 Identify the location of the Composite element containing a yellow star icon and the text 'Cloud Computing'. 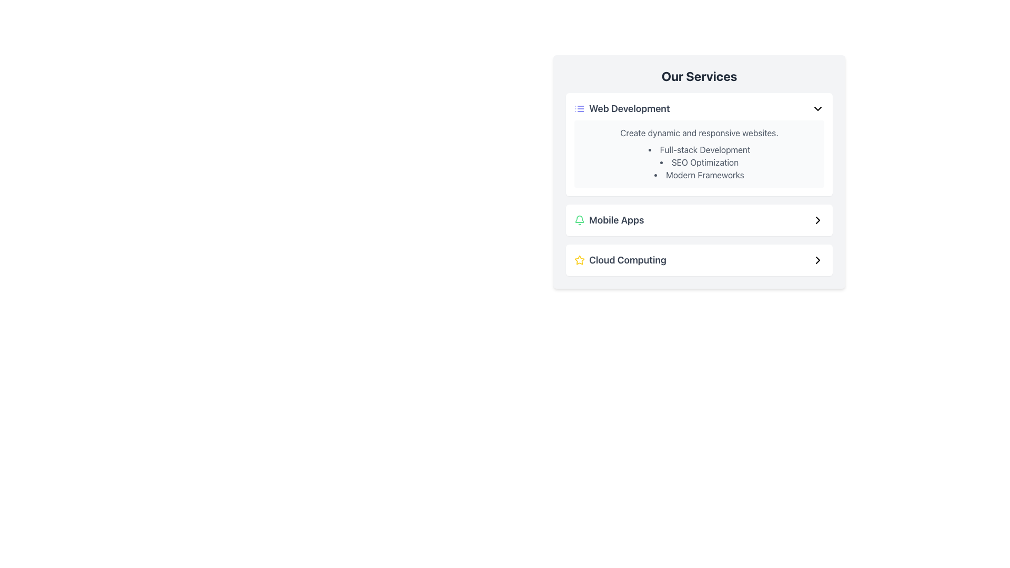
(620, 260).